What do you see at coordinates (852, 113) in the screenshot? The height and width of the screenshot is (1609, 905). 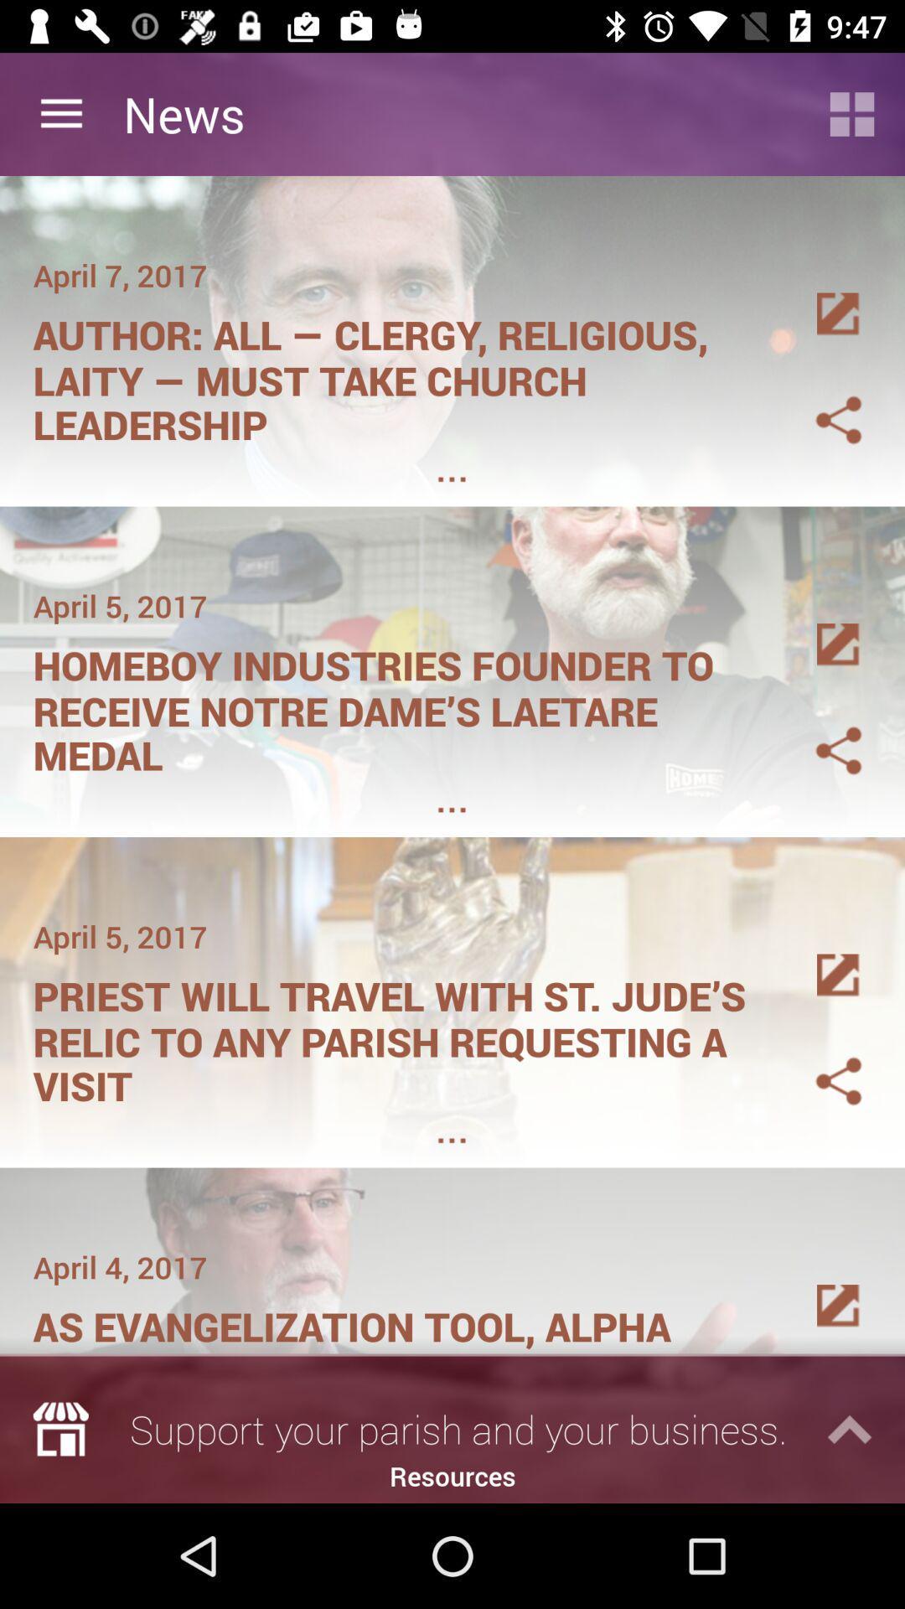 I see `the icon to the right of news item` at bounding box center [852, 113].